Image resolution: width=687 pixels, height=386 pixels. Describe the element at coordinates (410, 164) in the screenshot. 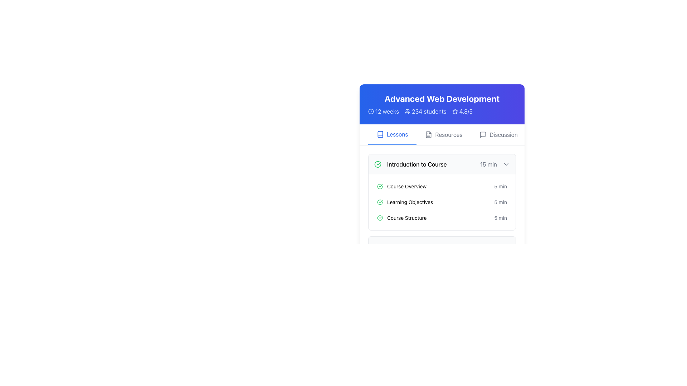

I see `the 'Introduction to Course' text label, which is positioned at the top of the lessons list under the 'Lessons' tab, and is identified by its associated green checkmark icon on the left` at that location.